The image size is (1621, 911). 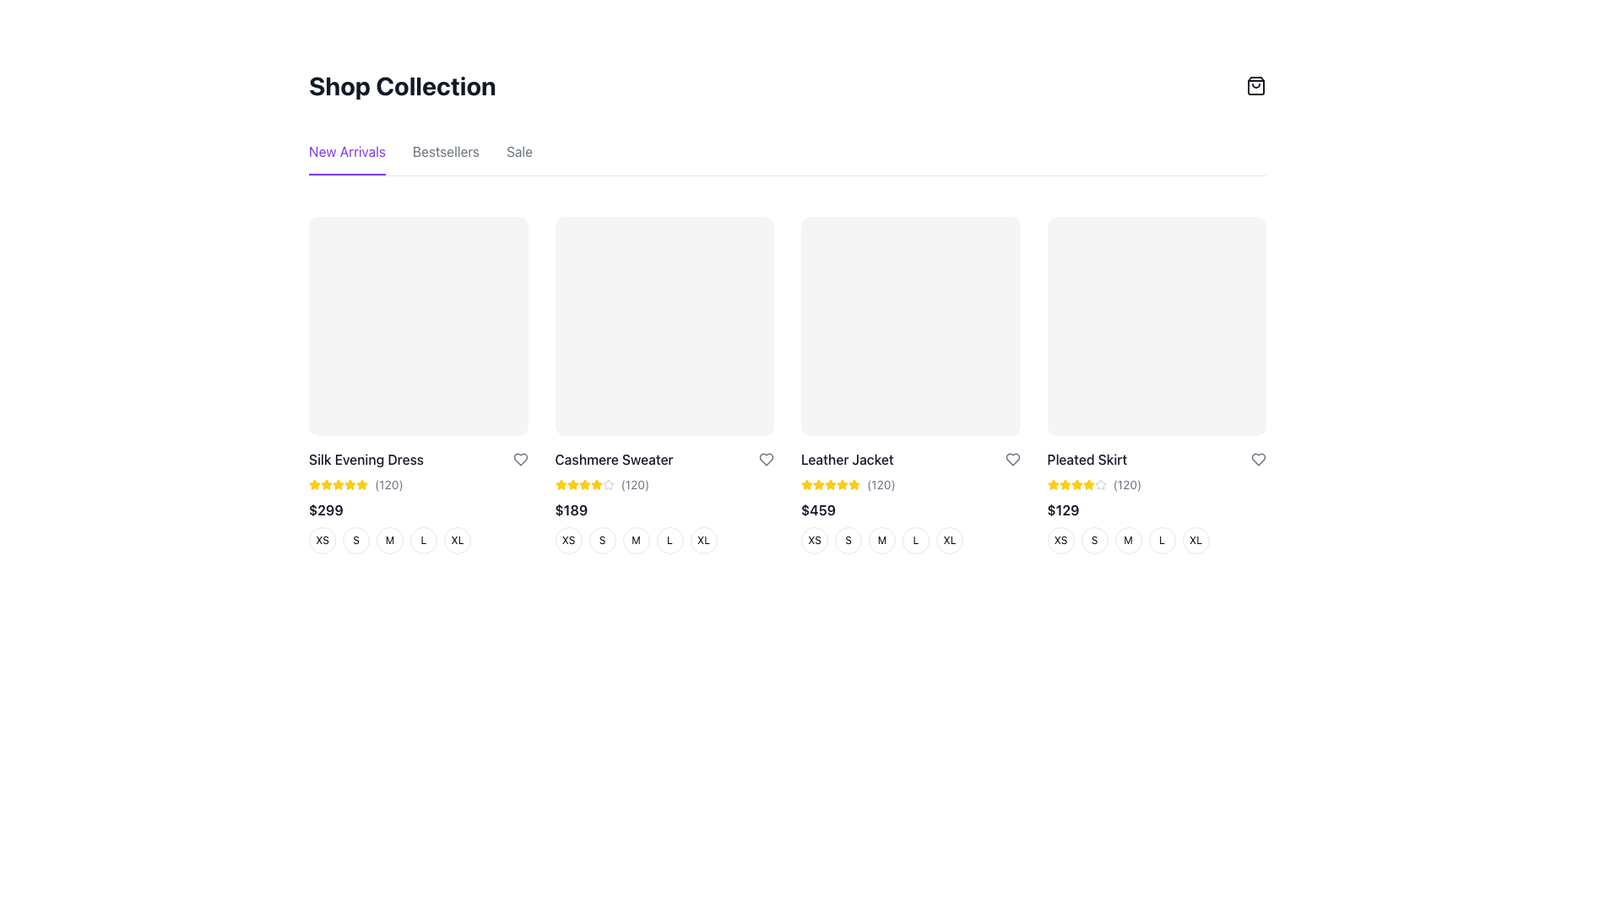 What do you see at coordinates (346, 159) in the screenshot?
I see `the 'New Arrivals' navigation tab located in the top-left corner below 'Shop Collection'` at bounding box center [346, 159].